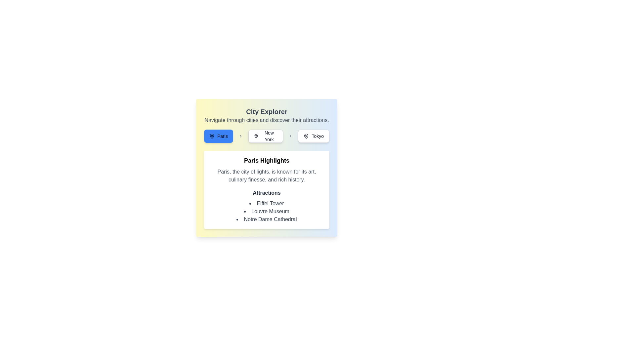  Describe the element at coordinates (267, 193) in the screenshot. I see `text content of the subheading that introduces the list of 'Attractions' located between the description 'Paris, the city of lights...' and the bullet-pointed list` at that location.